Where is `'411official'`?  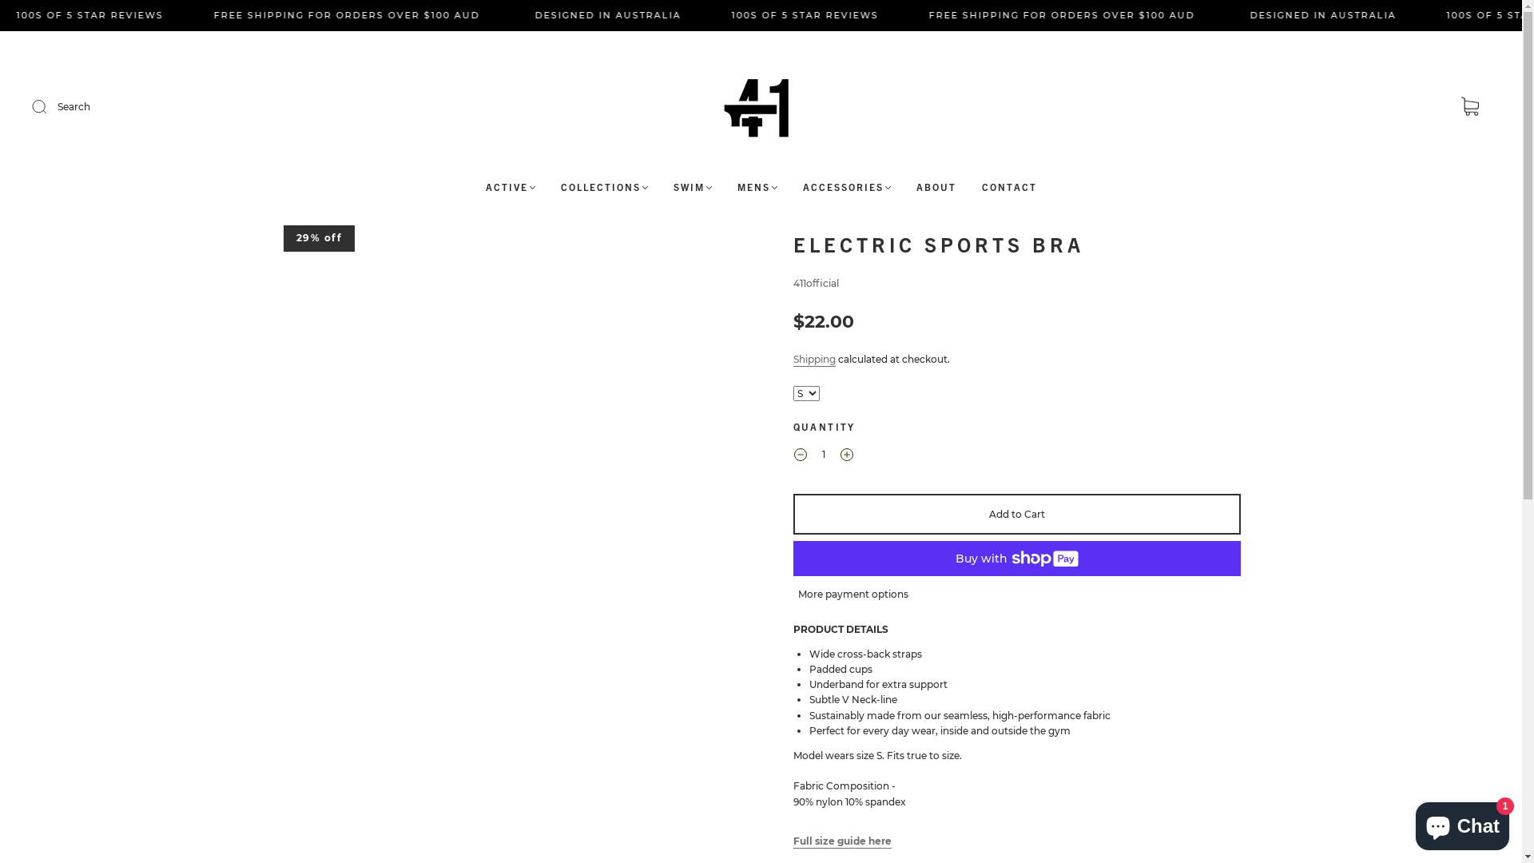 '411official' is located at coordinates (815, 282).